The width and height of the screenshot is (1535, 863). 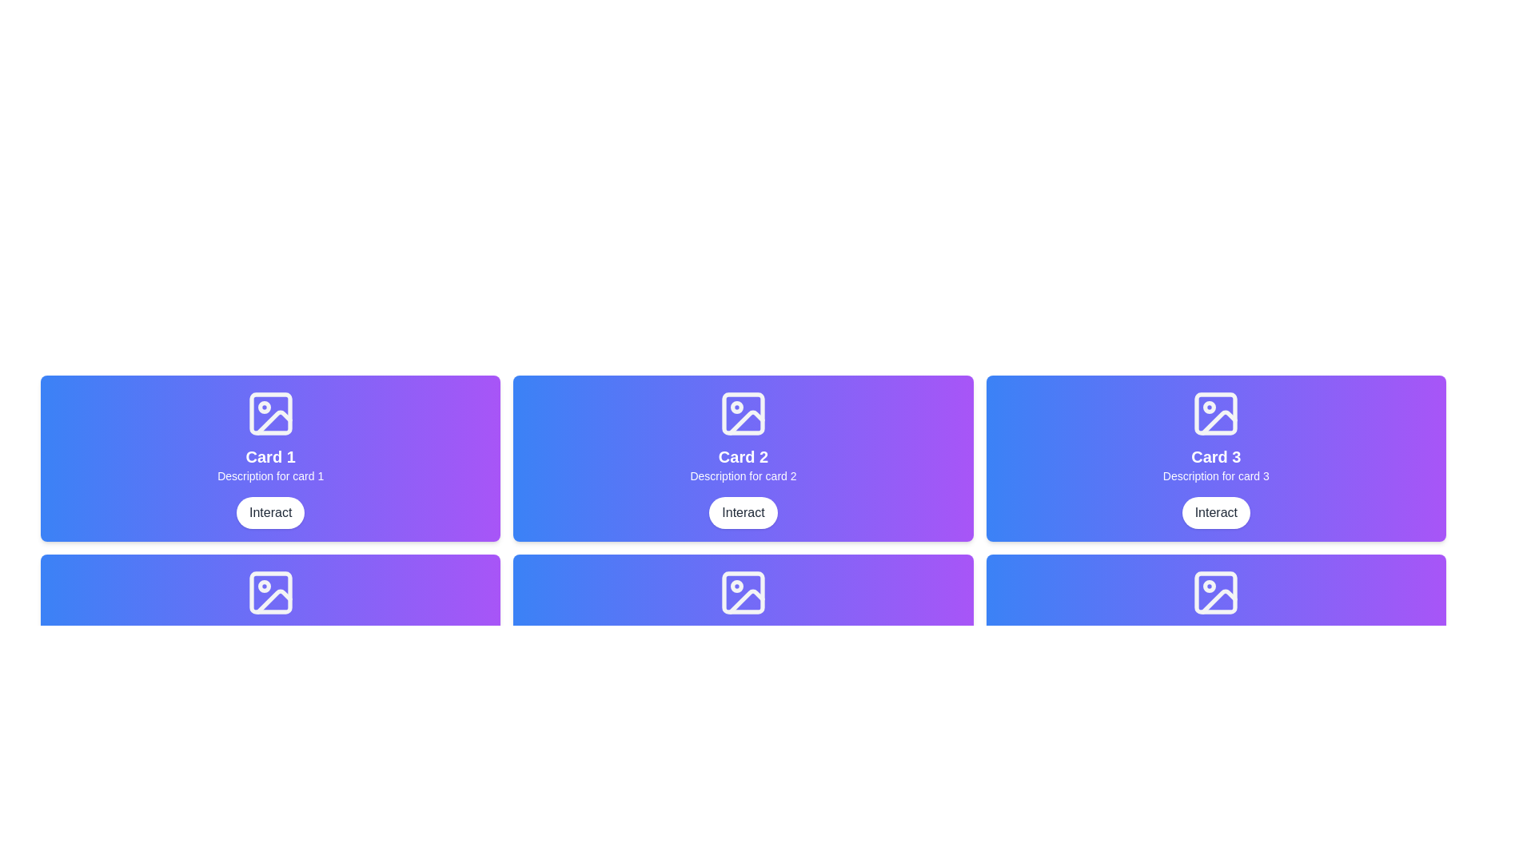 I want to click on the Text Label that displays the title and brief description associated with the first card component, located in the middle section of the first card, directly below the icon and above the 'Interact' button, so click(x=270, y=465).